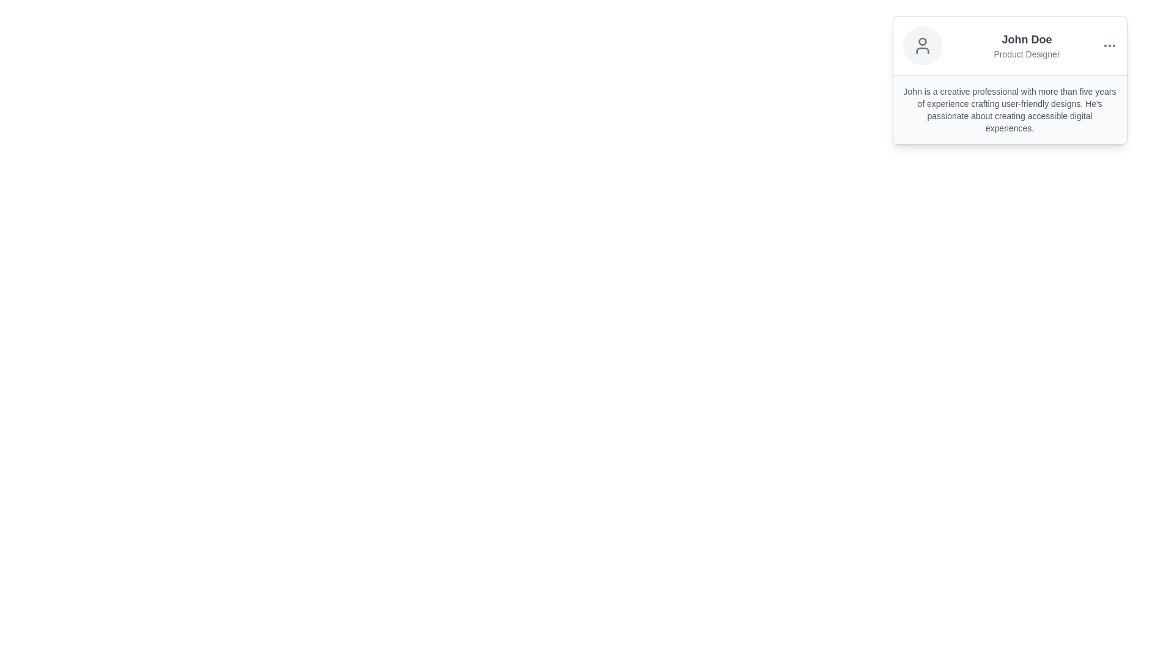  What do you see at coordinates (922, 45) in the screenshot?
I see `the user icon, which is a simplistic outline of a person with a gray color in a circular background, located at the top-left corner of a card layout` at bounding box center [922, 45].